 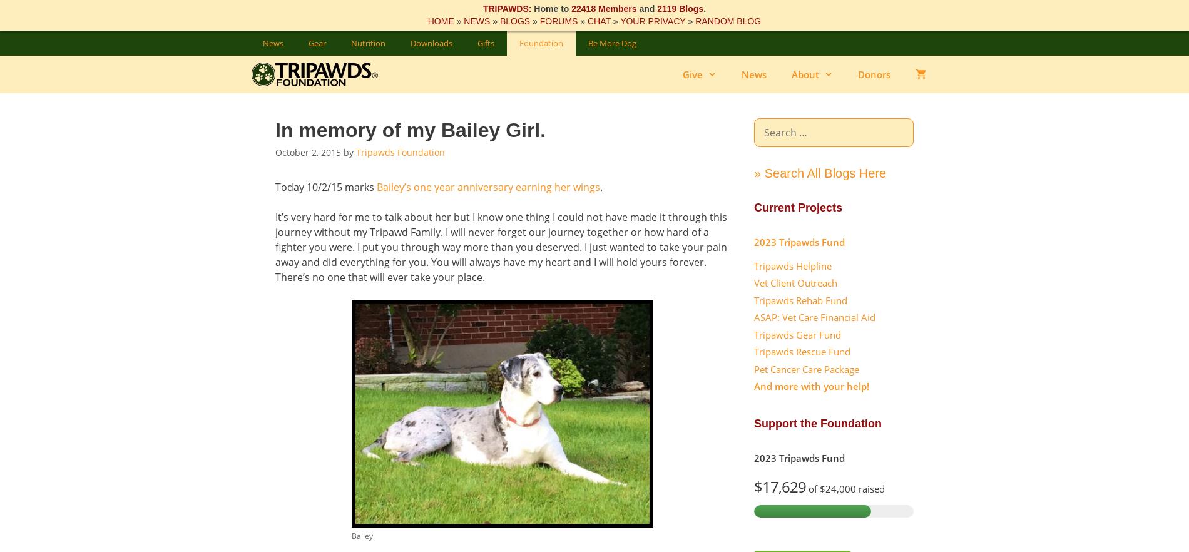 What do you see at coordinates (680, 9) in the screenshot?
I see `'2119 Blogs'` at bounding box center [680, 9].